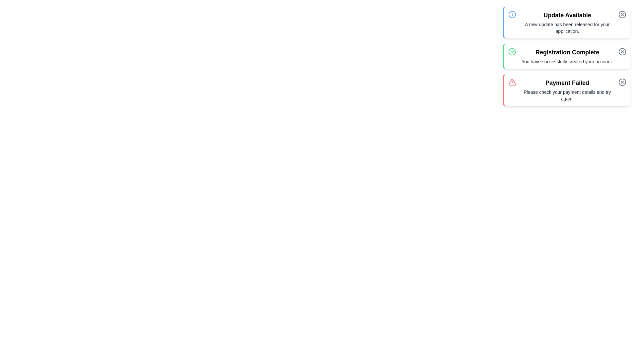  What do you see at coordinates (512, 82) in the screenshot?
I see `the red triangular warning icon located to the left of the 'Payment Failed' notification message` at bounding box center [512, 82].